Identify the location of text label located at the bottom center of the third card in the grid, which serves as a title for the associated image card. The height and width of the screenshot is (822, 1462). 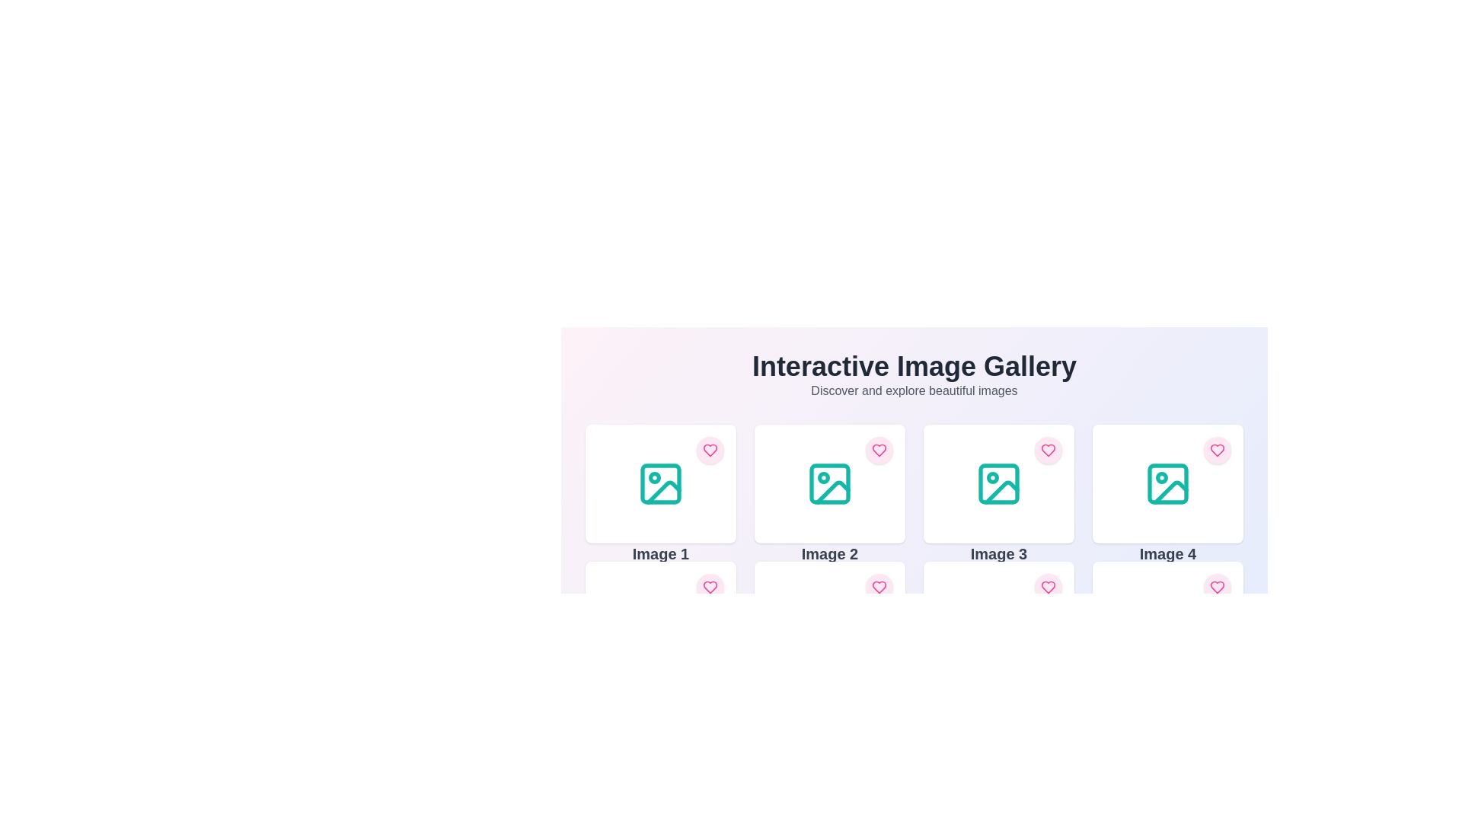
(998, 554).